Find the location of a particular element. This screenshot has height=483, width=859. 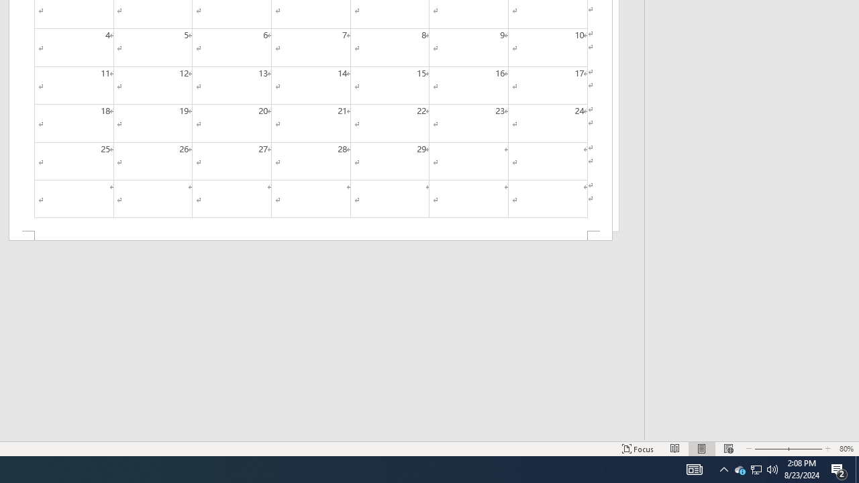

'Zoom Out' is located at coordinates (767, 449).